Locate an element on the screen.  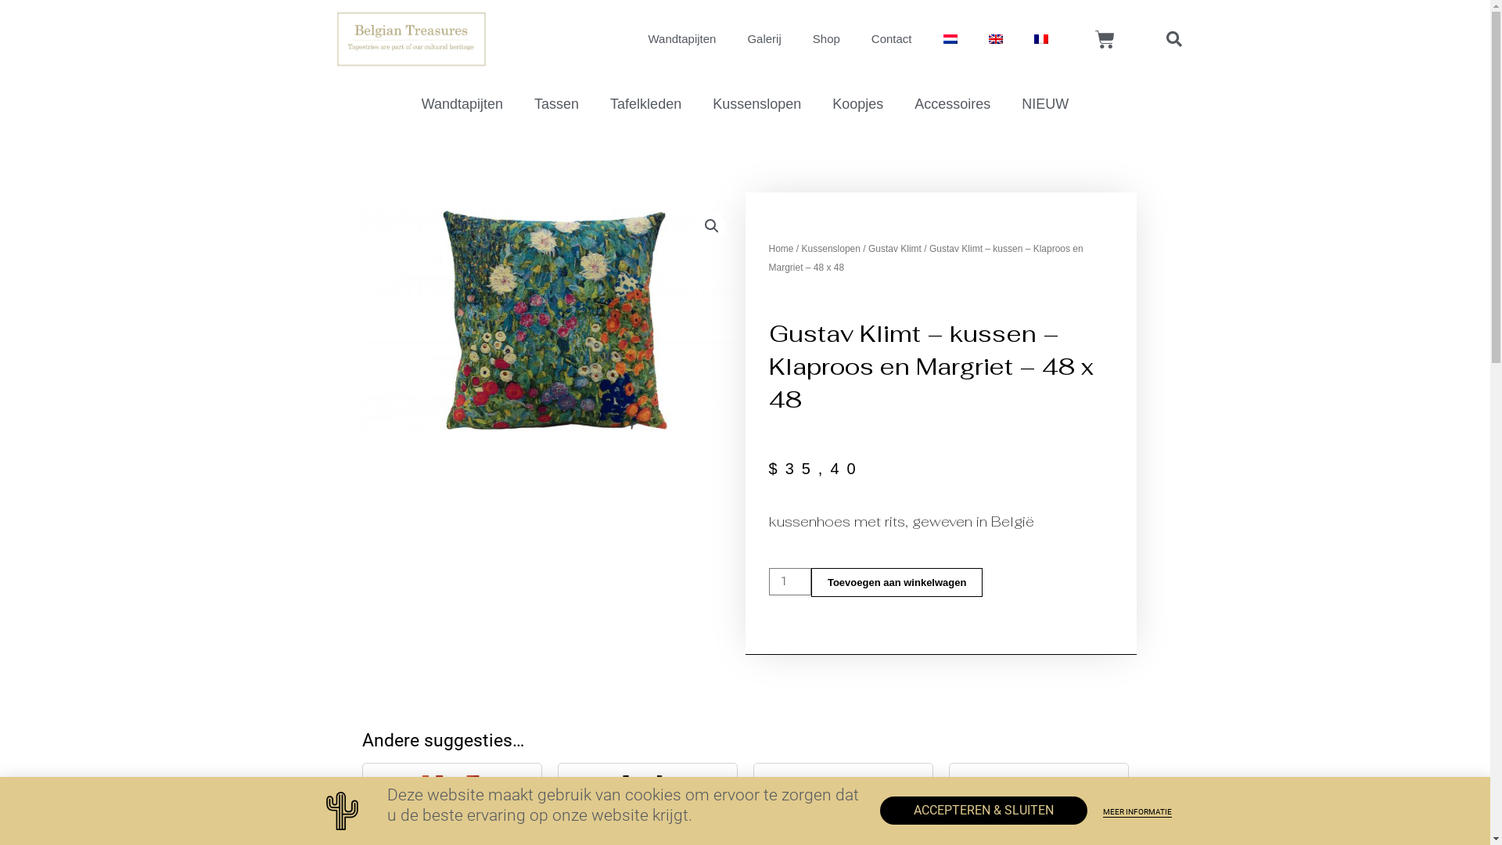
'Toevoegen aan winkelwagen' is located at coordinates (897, 582).